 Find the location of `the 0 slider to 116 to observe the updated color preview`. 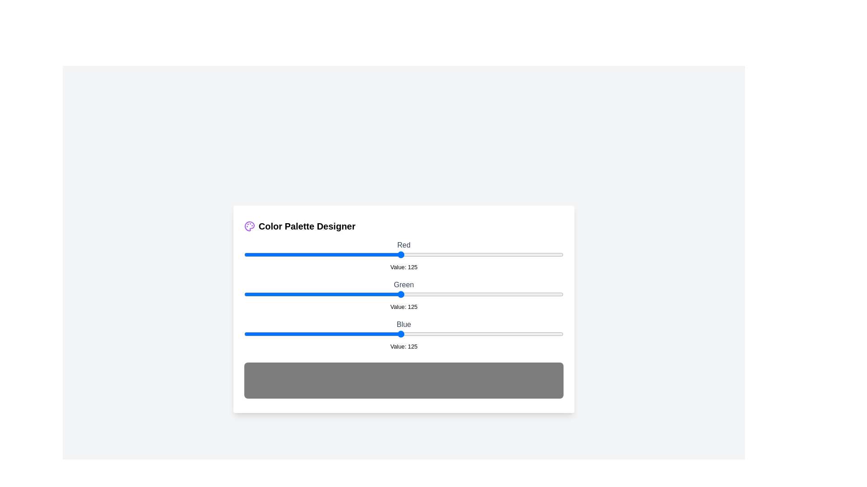

the 0 slider to 116 to observe the updated color preview is located at coordinates (389, 254).